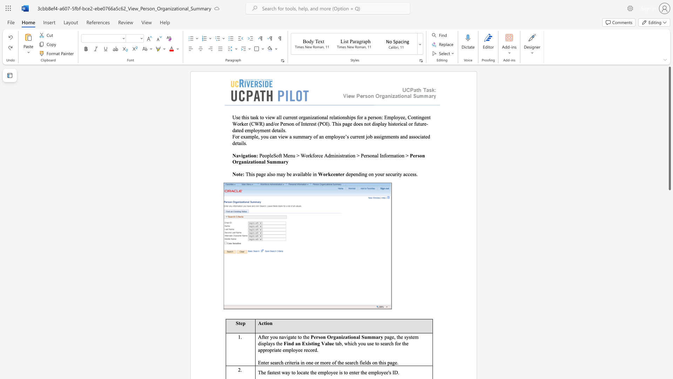  I want to click on the subset text "mmar" within the text "Person Organizational Summary", so click(272, 162).